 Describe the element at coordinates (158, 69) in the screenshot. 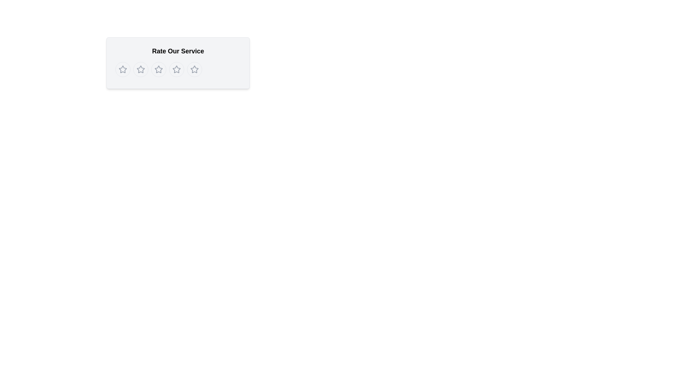

I see `the third star rating button` at that location.